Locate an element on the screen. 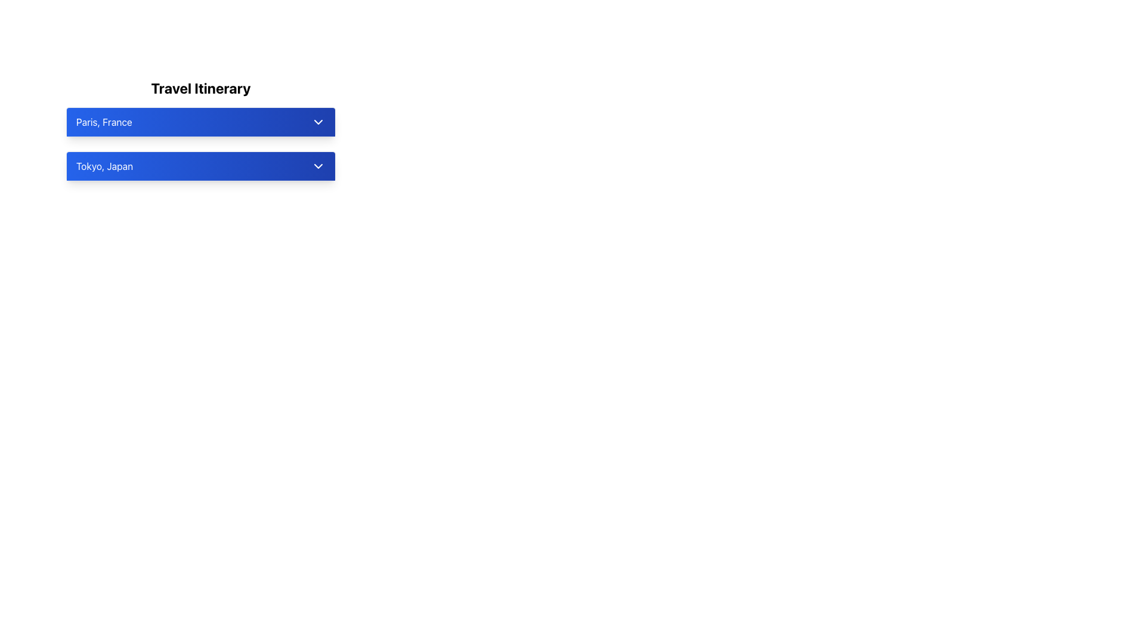  the Header text element, which serves as the title for the travel destinations listed below it is located at coordinates (200, 87).